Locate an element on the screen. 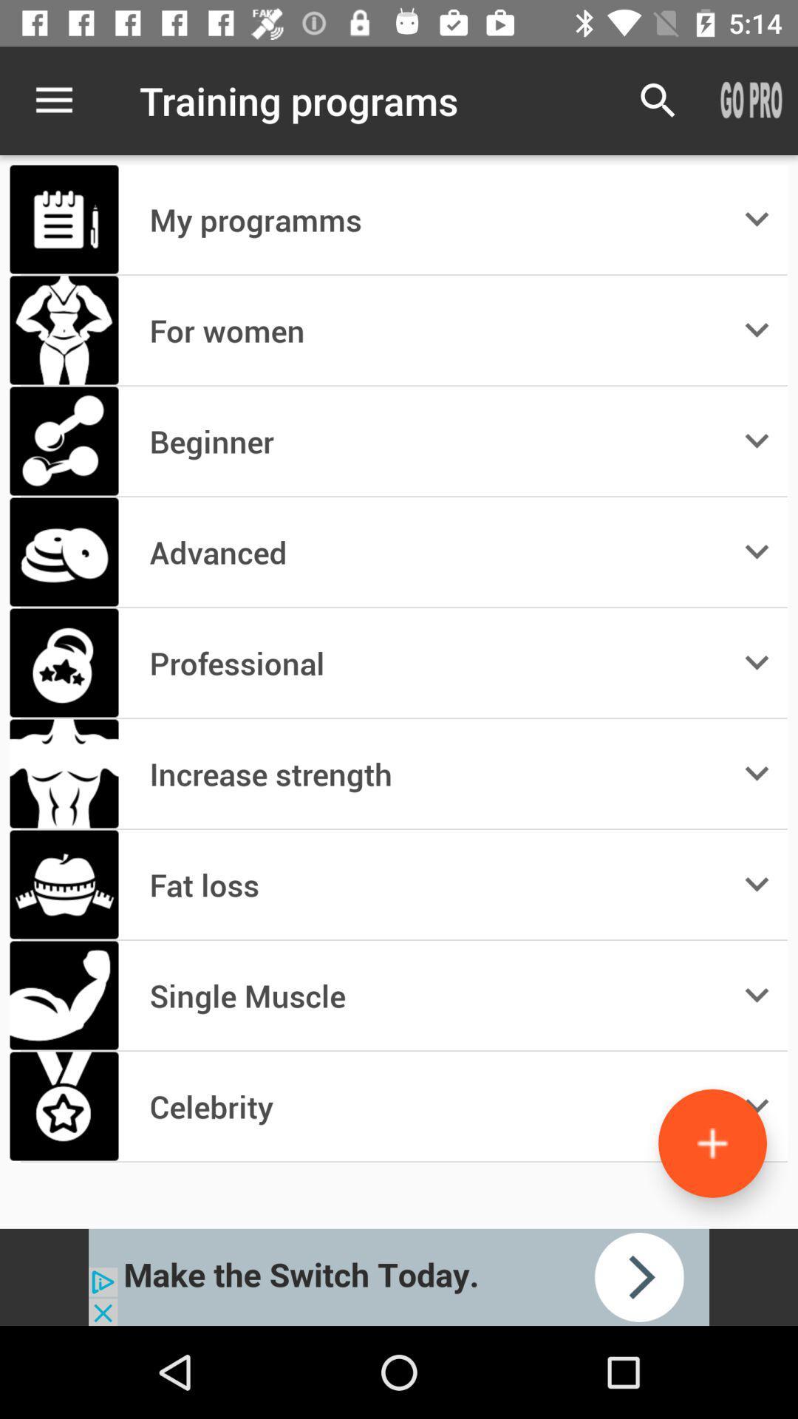  advertisement section is located at coordinates (399, 1276).